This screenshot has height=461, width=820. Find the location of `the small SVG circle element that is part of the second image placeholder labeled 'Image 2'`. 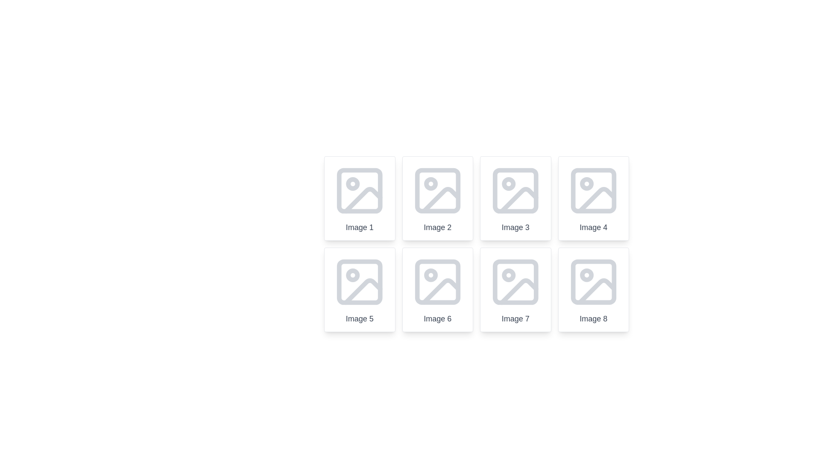

the small SVG circle element that is part of the second image placeholder labeled 'Image 2' is located at coordinates (430, 184).